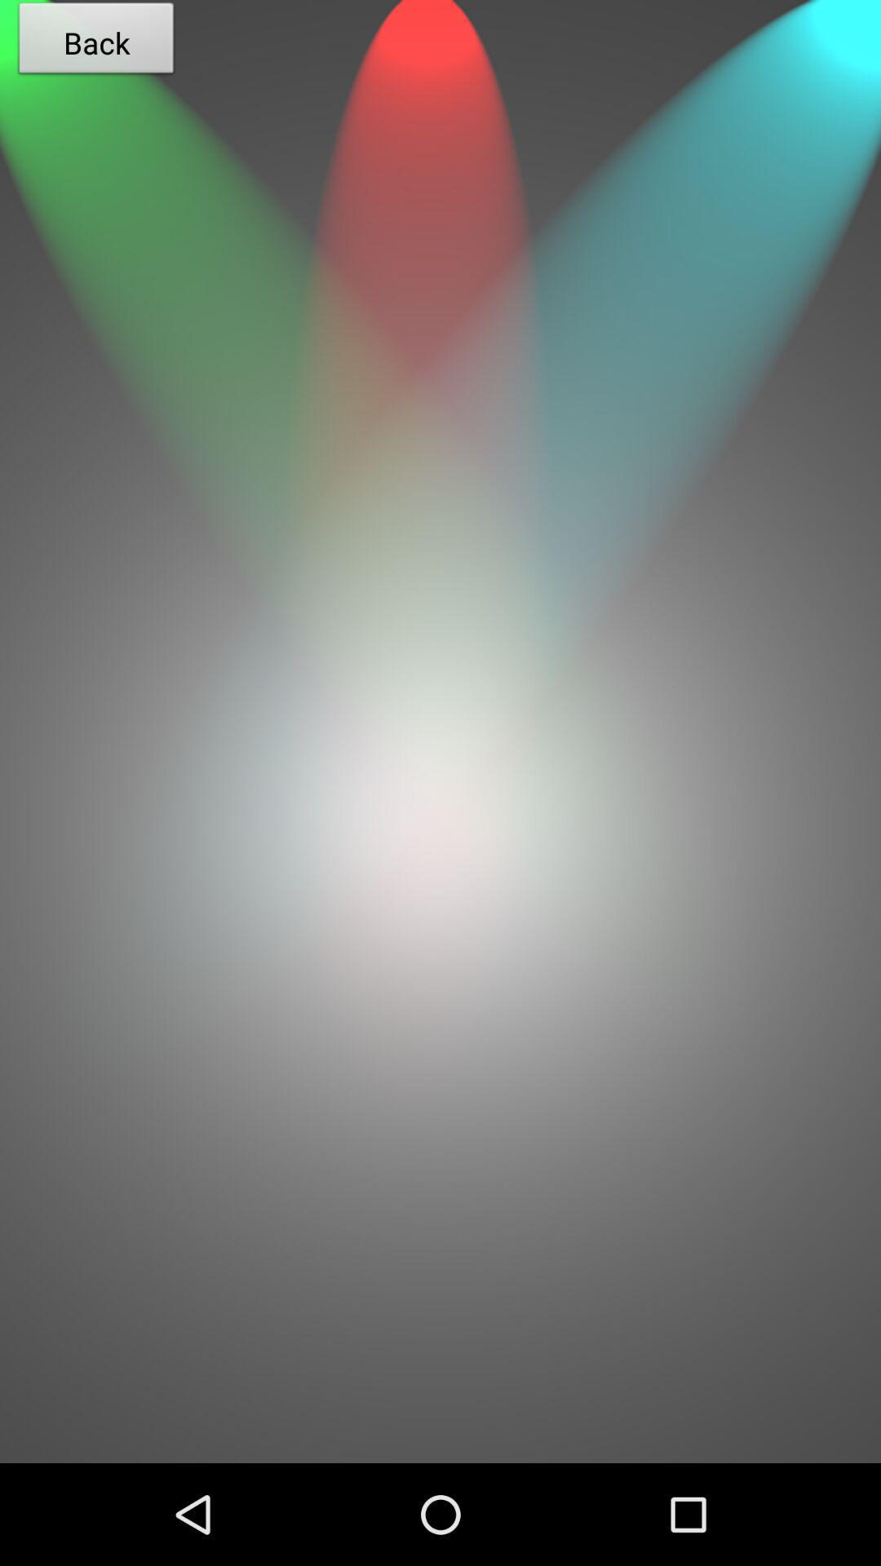 Image resolution: width=881 pixels, height=1566 pixels. I want to click on back, so click(440, 1195).